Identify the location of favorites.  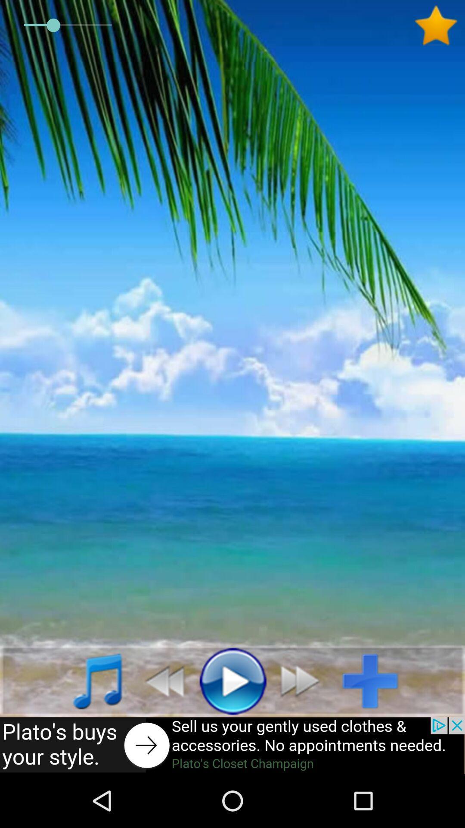
(439, 25).